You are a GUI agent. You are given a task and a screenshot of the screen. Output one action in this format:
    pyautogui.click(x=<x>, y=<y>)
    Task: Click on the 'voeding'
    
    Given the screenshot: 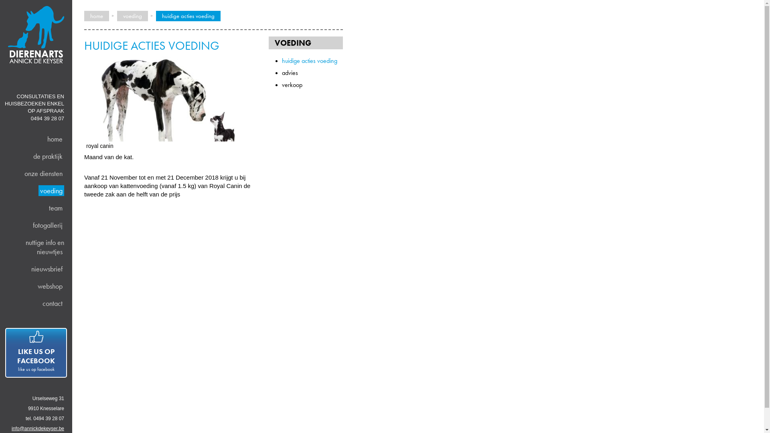 What is the action you would take?
    pyautogui.click(x=132, y=16)
    